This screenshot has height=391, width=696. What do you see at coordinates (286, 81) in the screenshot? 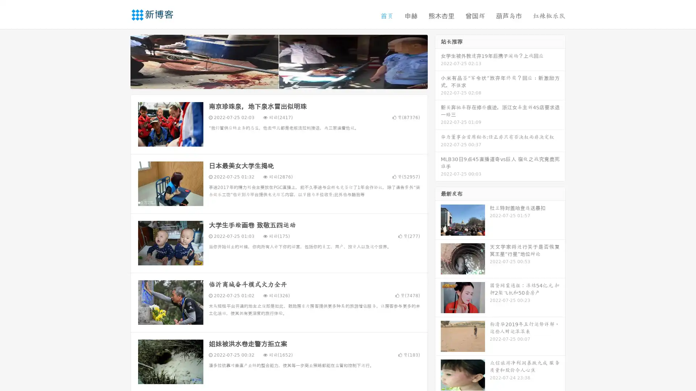
I see `Go to slide 3` at bounding box center [286, 81].